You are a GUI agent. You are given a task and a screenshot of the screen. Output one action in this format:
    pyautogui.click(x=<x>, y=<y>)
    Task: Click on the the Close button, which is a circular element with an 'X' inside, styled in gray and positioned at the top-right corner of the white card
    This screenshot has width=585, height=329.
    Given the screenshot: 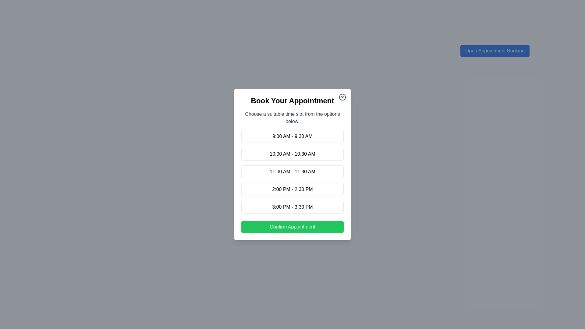 What is the action you would take?
    pyautogui.click(x=342, y=97)
    